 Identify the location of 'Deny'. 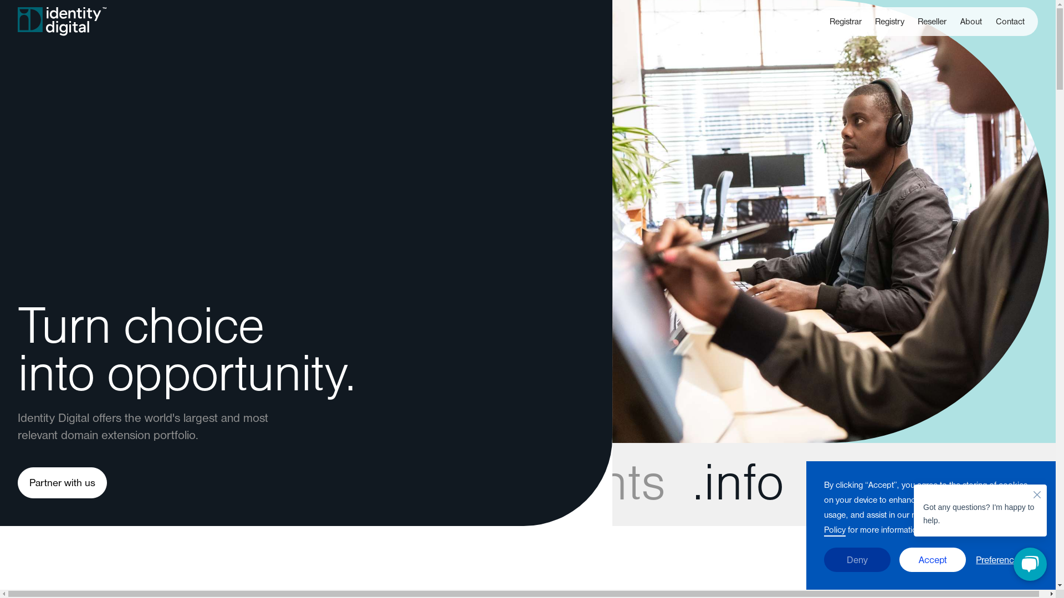
(856, 559).